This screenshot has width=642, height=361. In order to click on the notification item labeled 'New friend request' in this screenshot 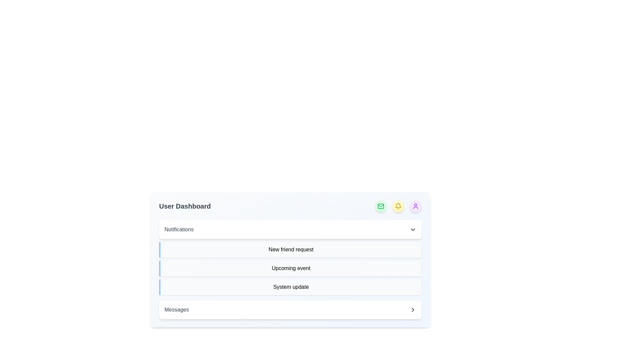, I will do `click(290, 250)`.